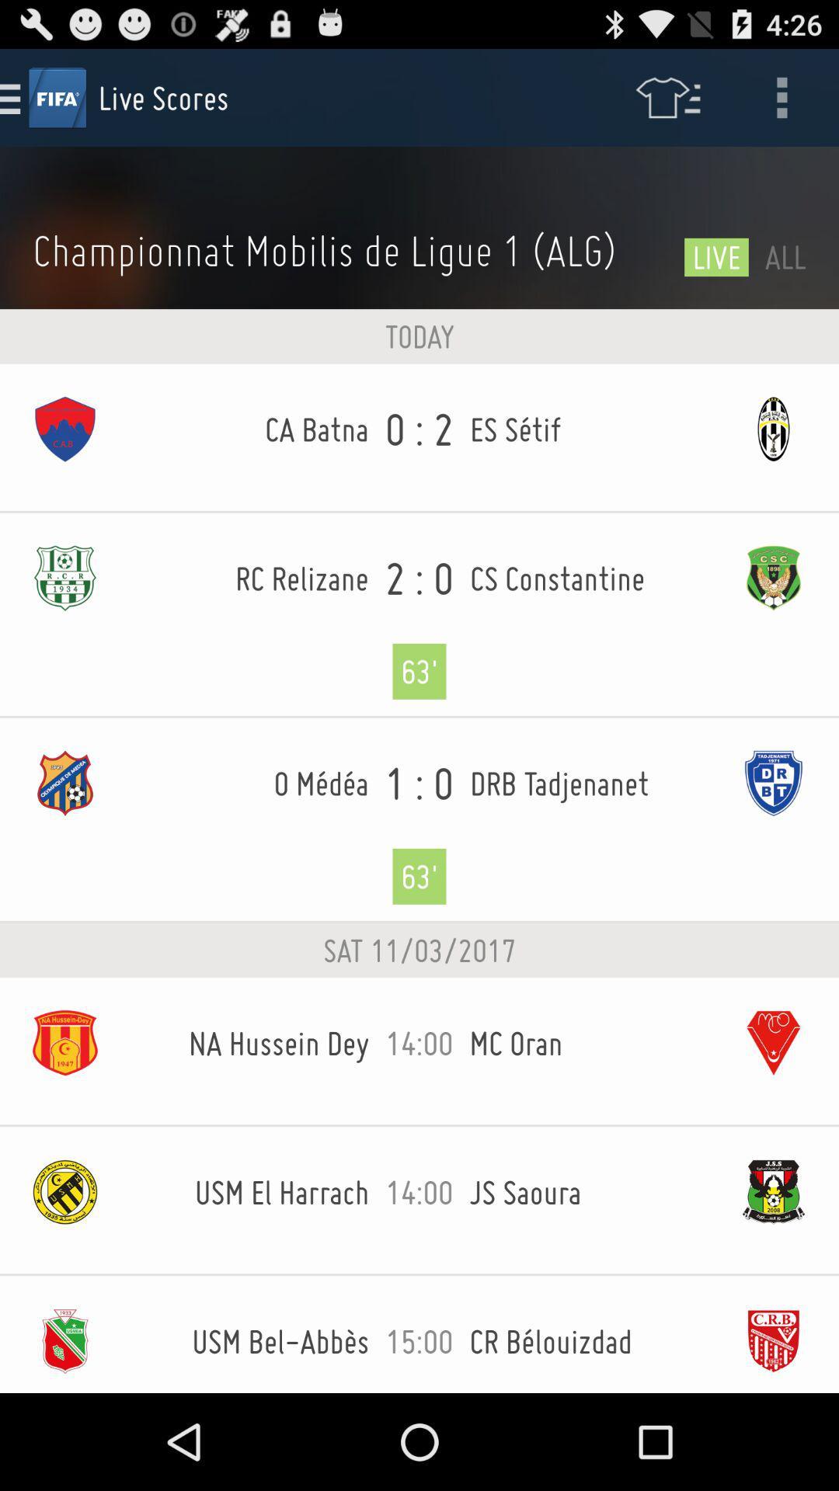  I want to click on the icon next to the live scores app, so click(667, 96).